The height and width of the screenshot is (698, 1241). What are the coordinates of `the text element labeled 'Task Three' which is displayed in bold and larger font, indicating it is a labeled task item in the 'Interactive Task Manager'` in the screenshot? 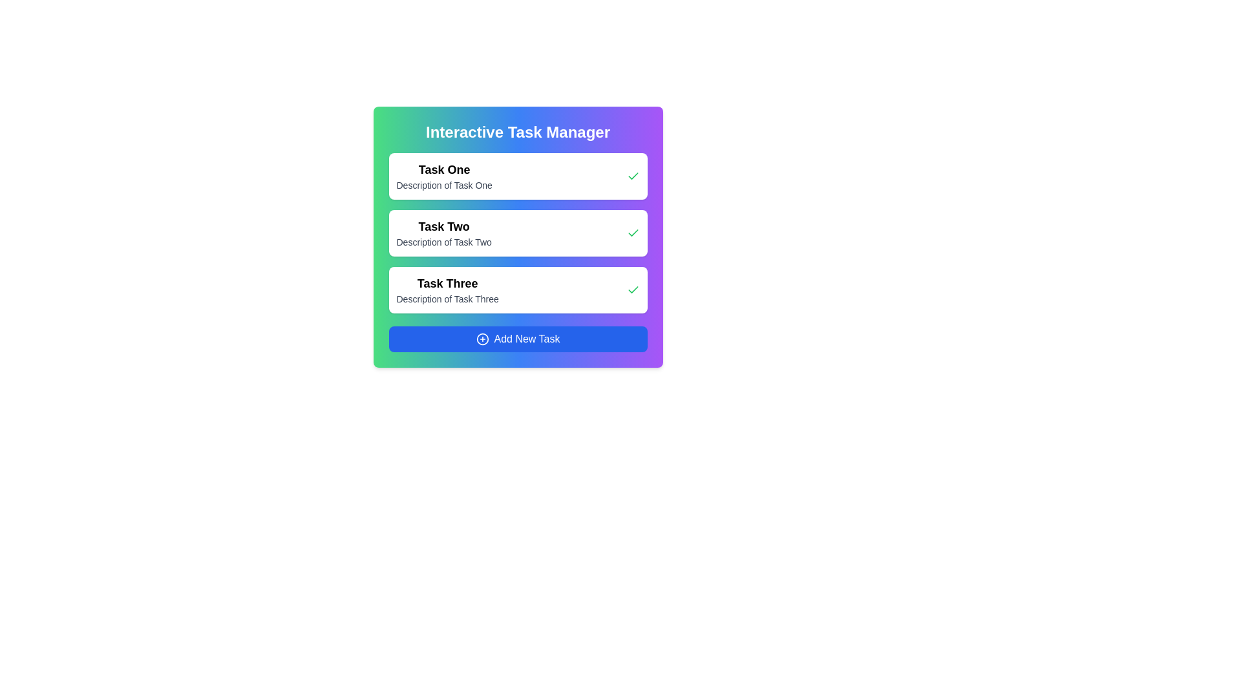 It's located at (447, 289).